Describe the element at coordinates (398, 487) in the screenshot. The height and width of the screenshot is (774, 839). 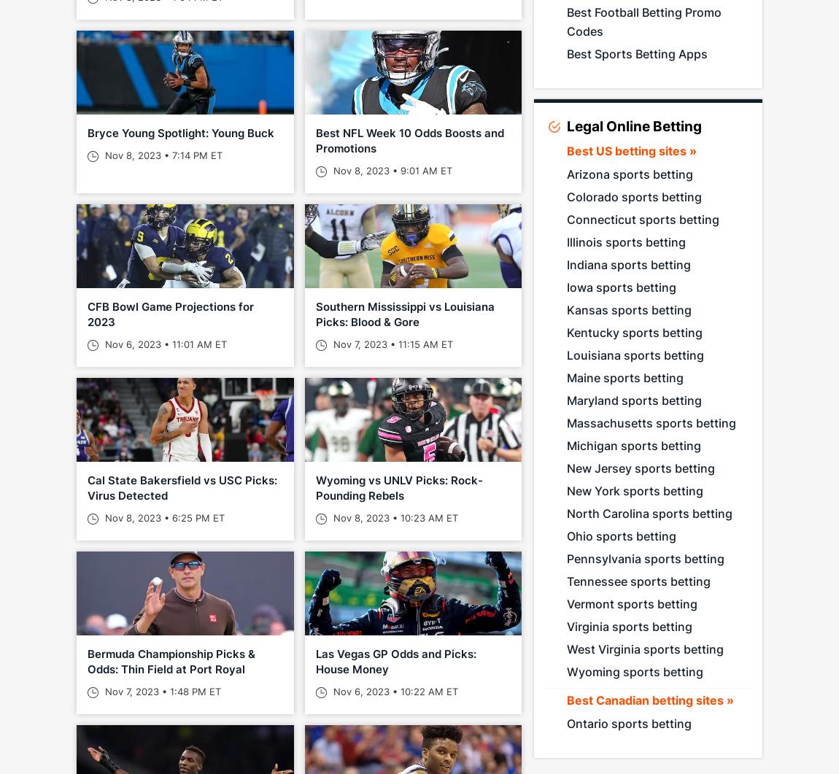
I see `'Wyoming vs UNLV Picks: Rock-Pounding Rebels'` at that location.